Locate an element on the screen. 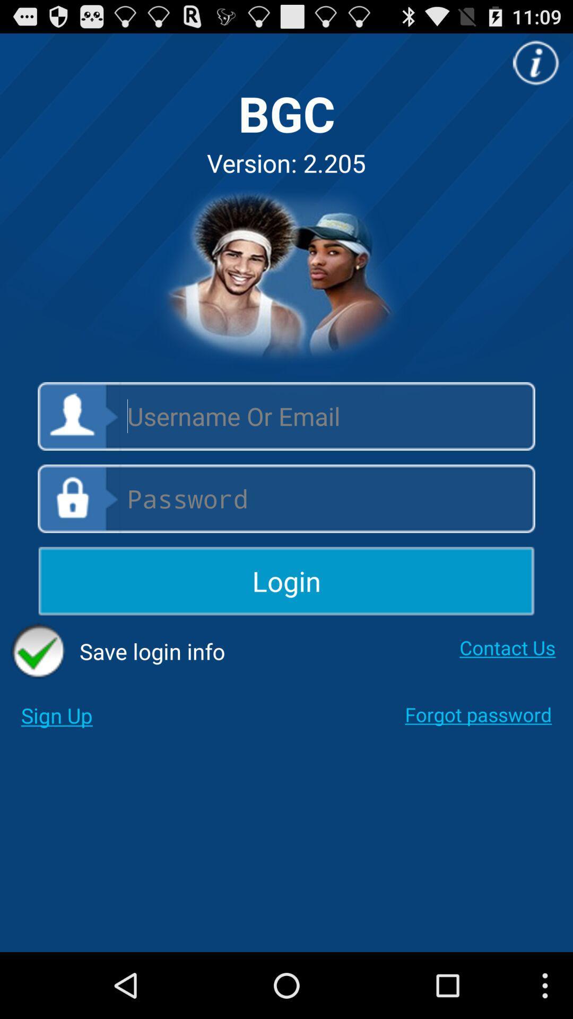  the icon to the right of the   save login info is located at coordinates (507, 647).